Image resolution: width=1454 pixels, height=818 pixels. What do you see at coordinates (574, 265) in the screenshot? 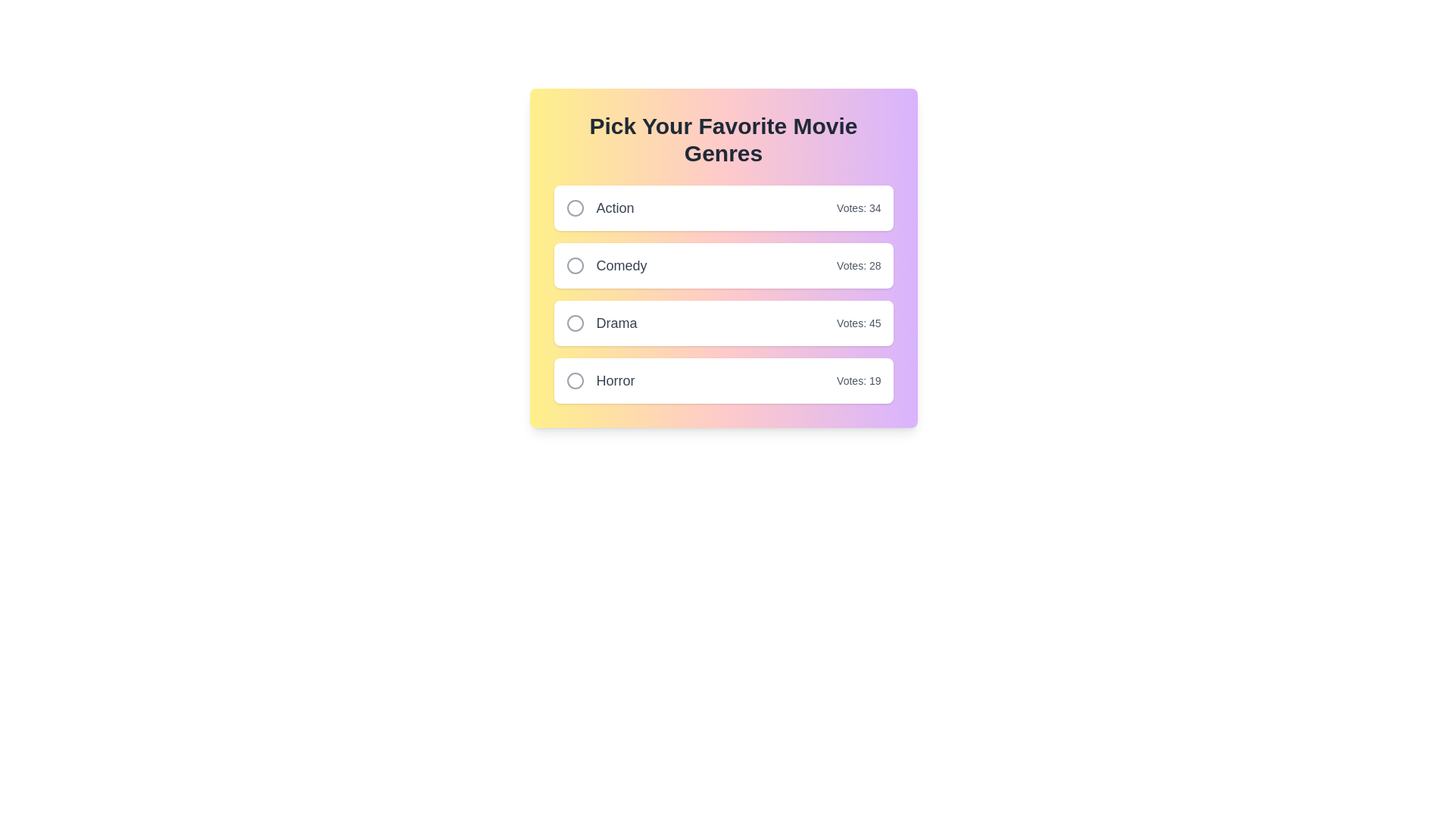
I see `the genre Comedy` at bounding box center [574, 265].